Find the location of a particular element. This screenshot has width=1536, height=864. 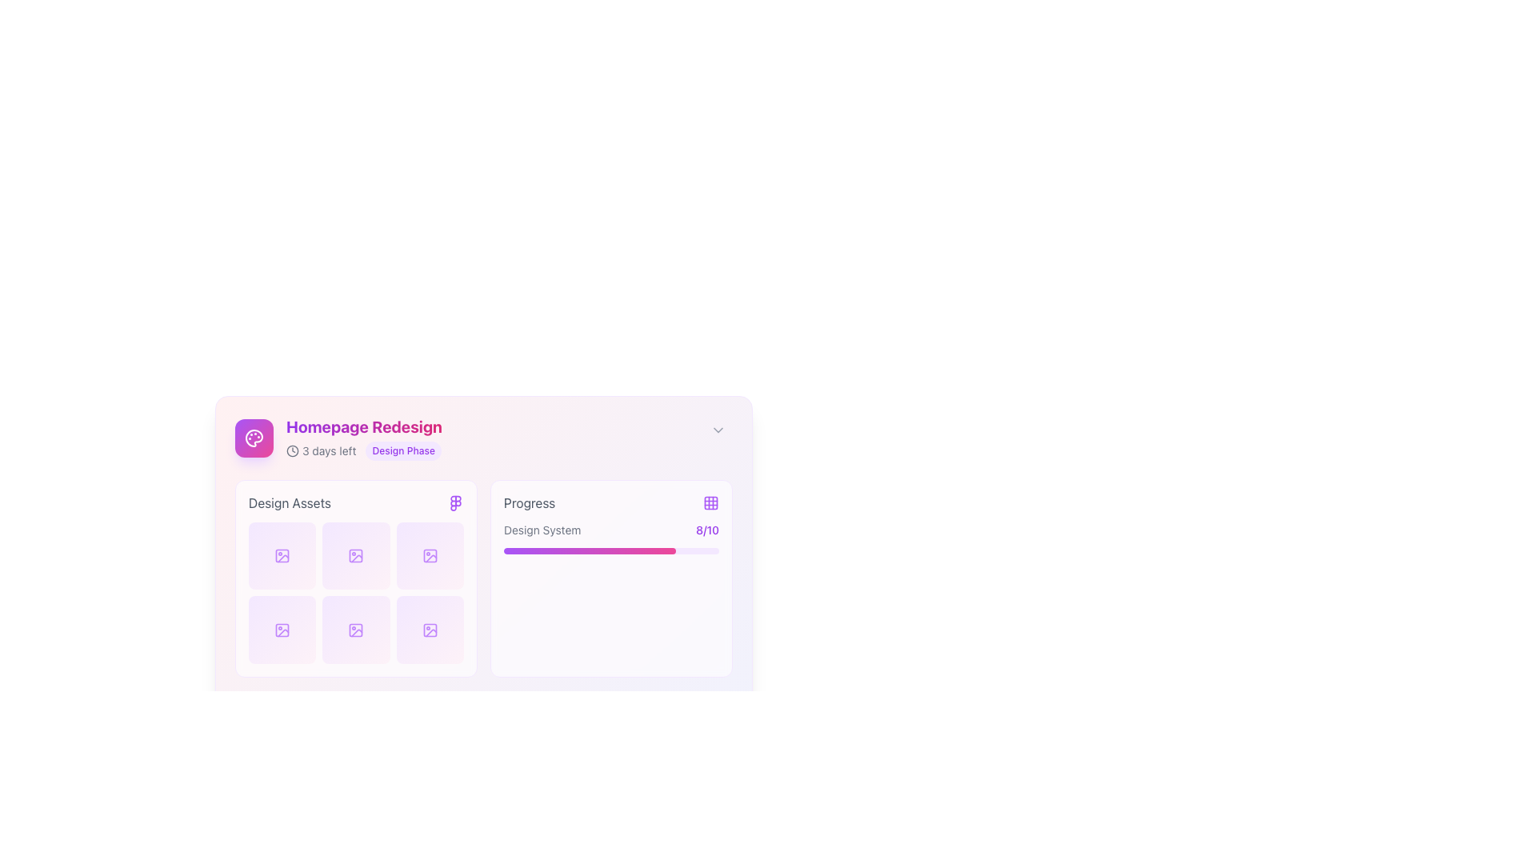

the filled portion of the progress bar, which is styled with a gradient from purple to pink and fills approximately 80% of the width under the 'Progress' heading in the 'Homepage Redesign' section is located at coordinates (589, 550).